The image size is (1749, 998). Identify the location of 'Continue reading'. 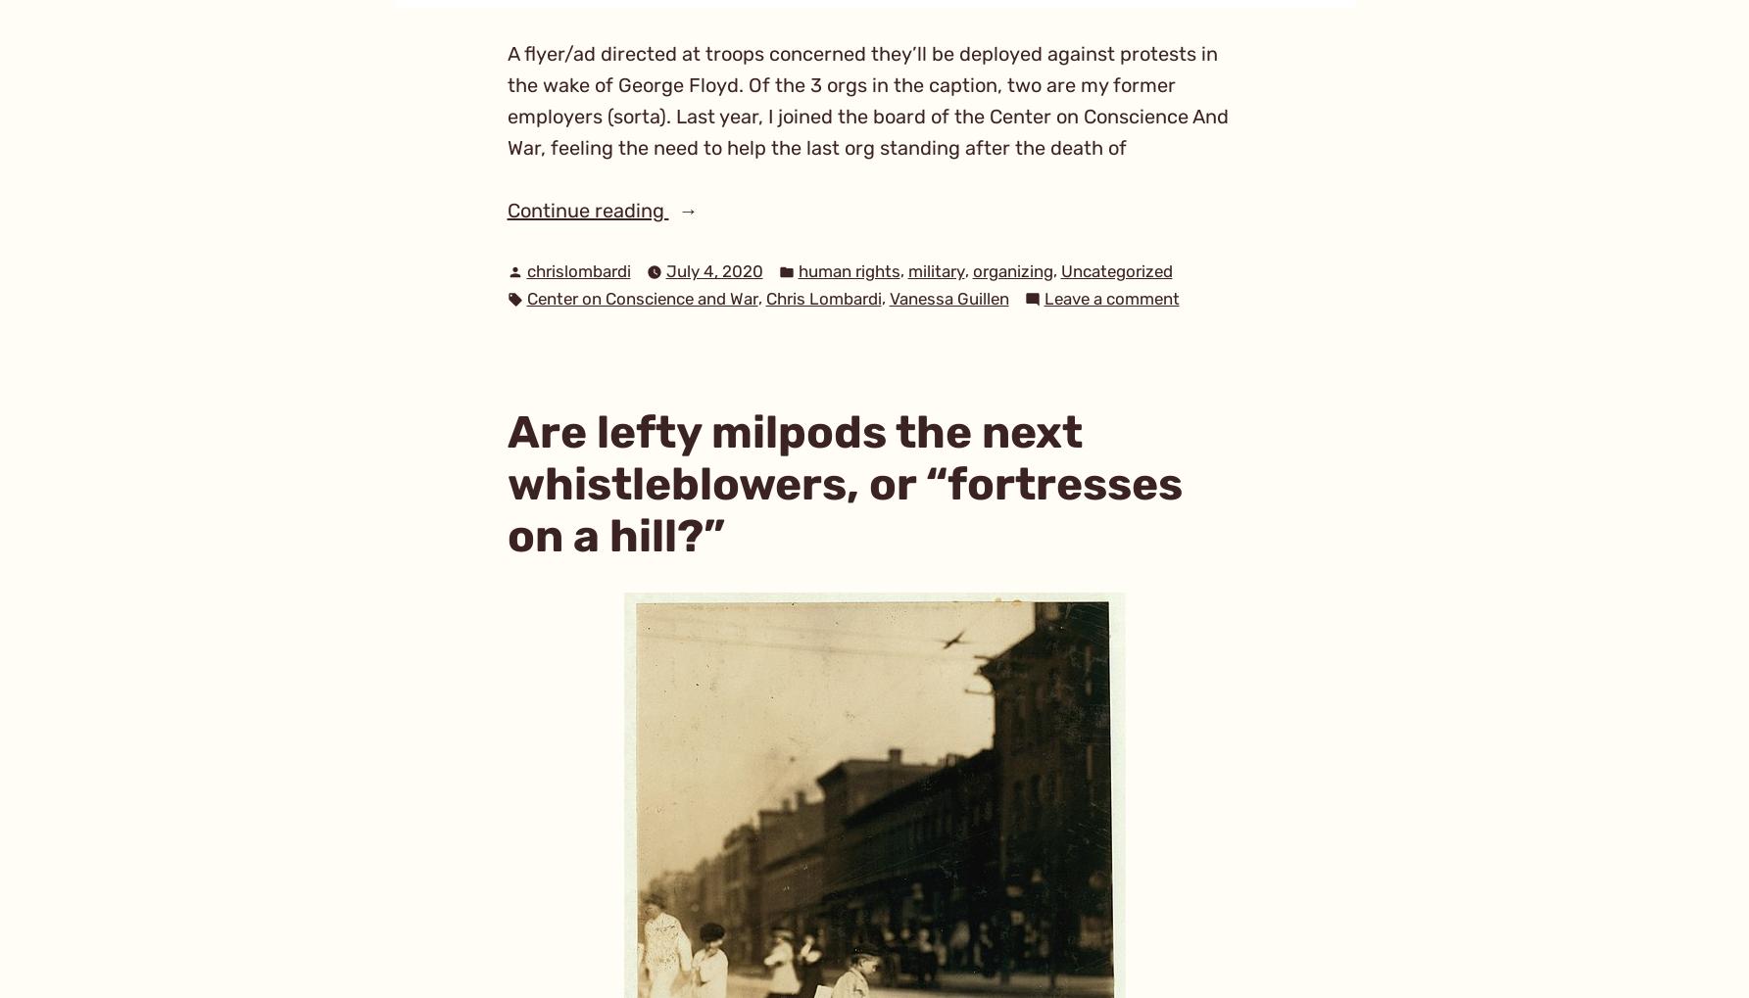
(506, 210).